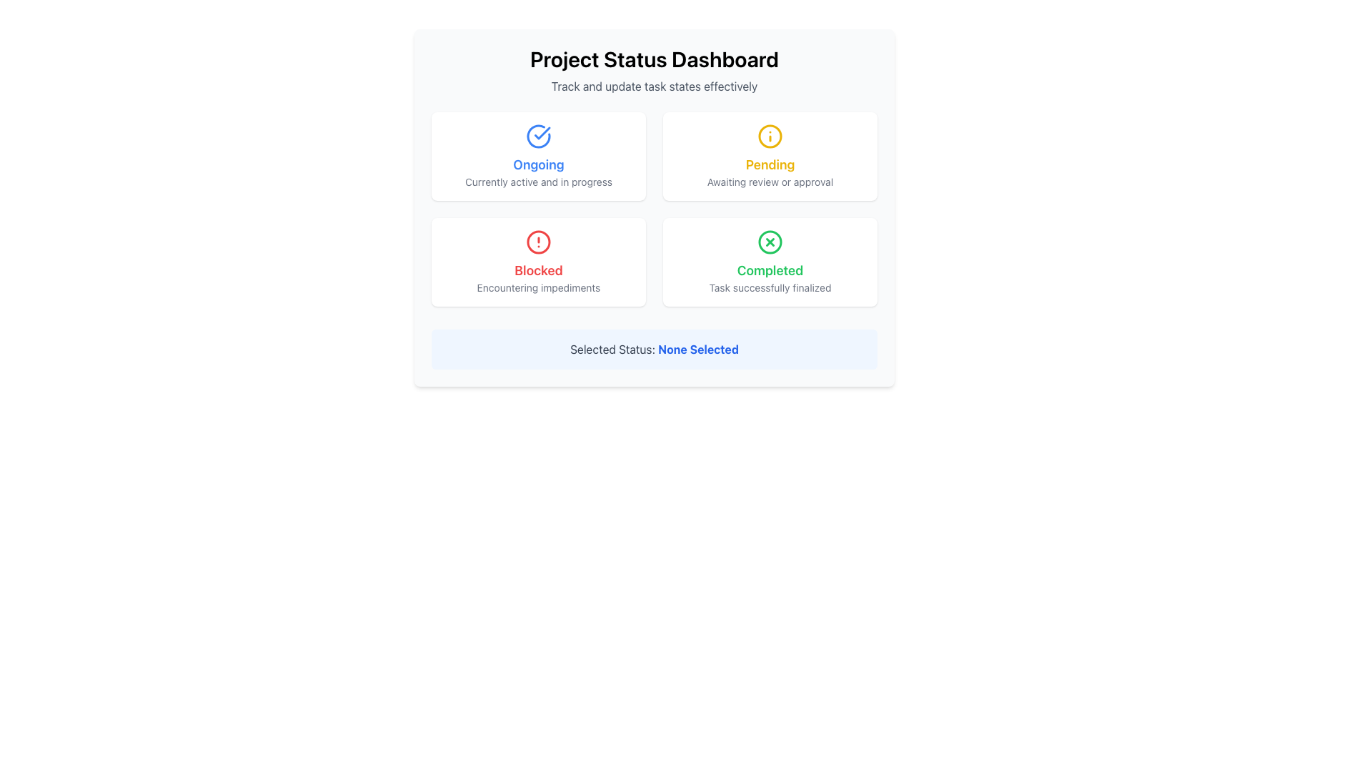 The image size is (1372, 772). Describe the element at coordinates (770, 157) in the screenshot. I see `the card labeled 'Pending' that is located in the top-right position of the two-by-two grid layout` at that location.